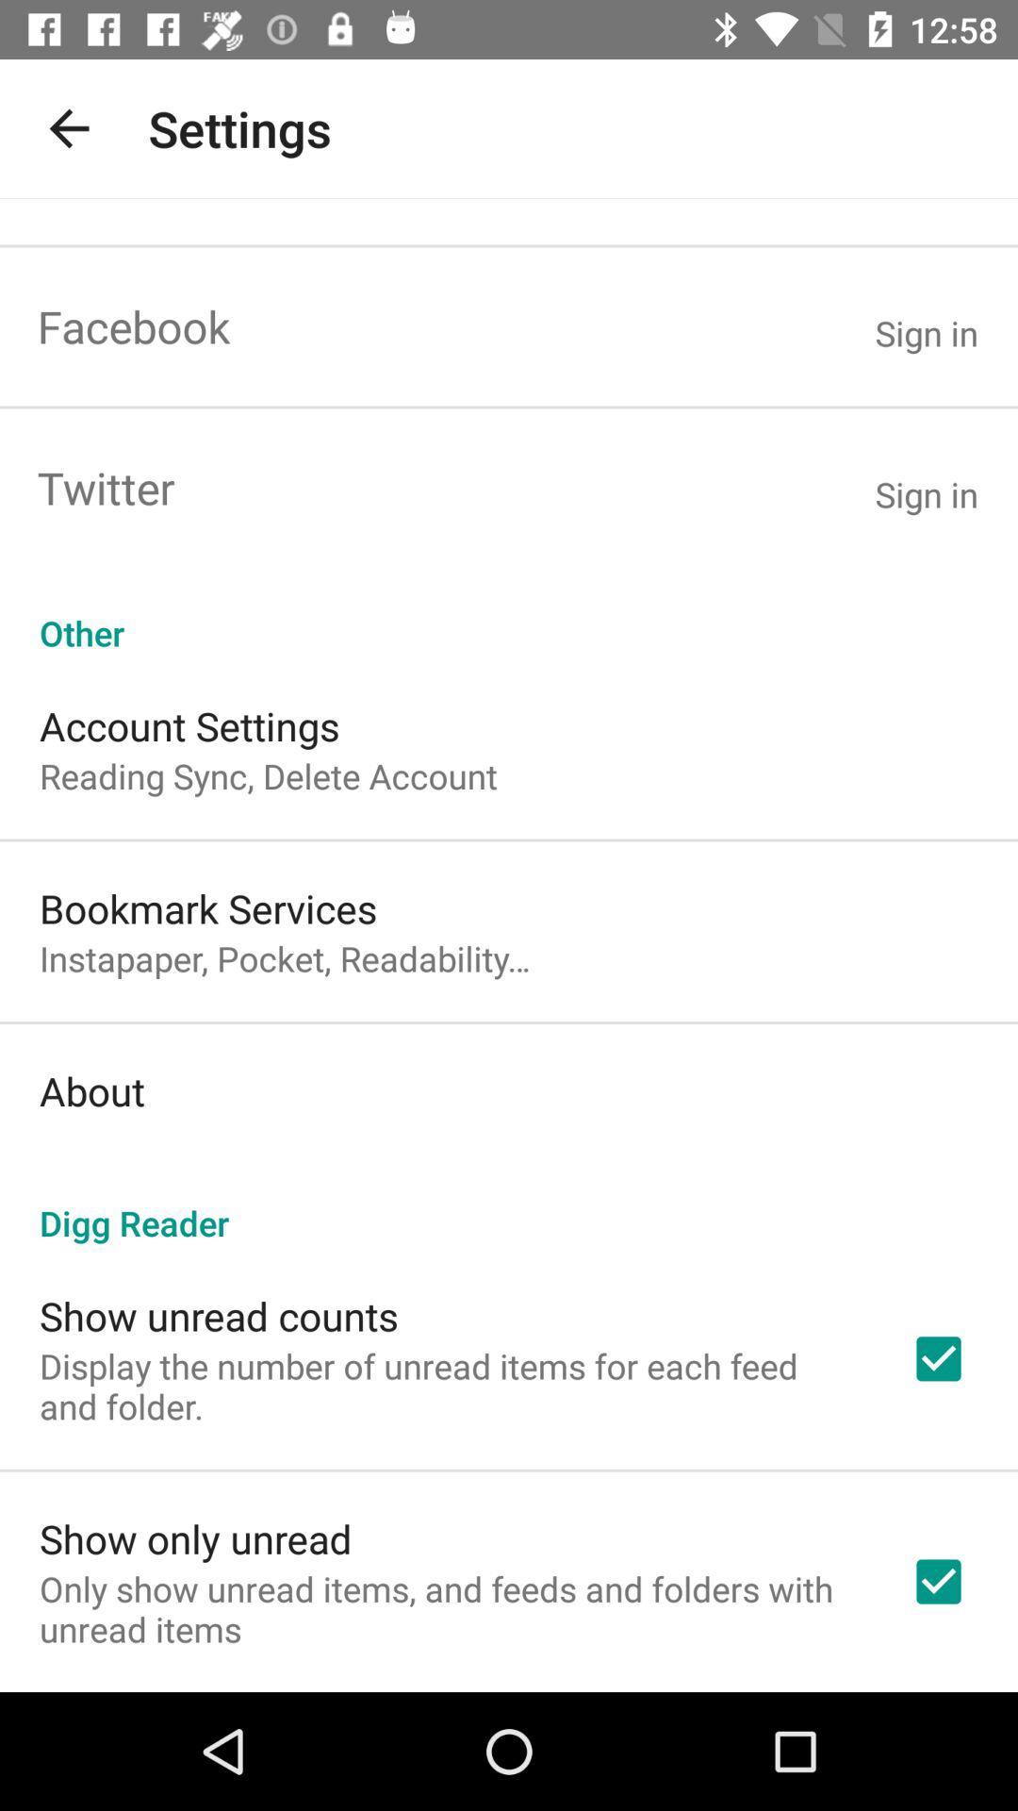  I want to click on app to the left of the sign in, so click(106, 488).